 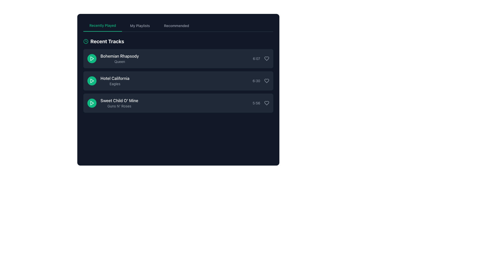 I want to click on the label indicating the artist or creator of the song 'Bohemian Rhapsody', which is located directly beneath the song title in the 'Recent Tracks' section, so click(x=119, y=61).